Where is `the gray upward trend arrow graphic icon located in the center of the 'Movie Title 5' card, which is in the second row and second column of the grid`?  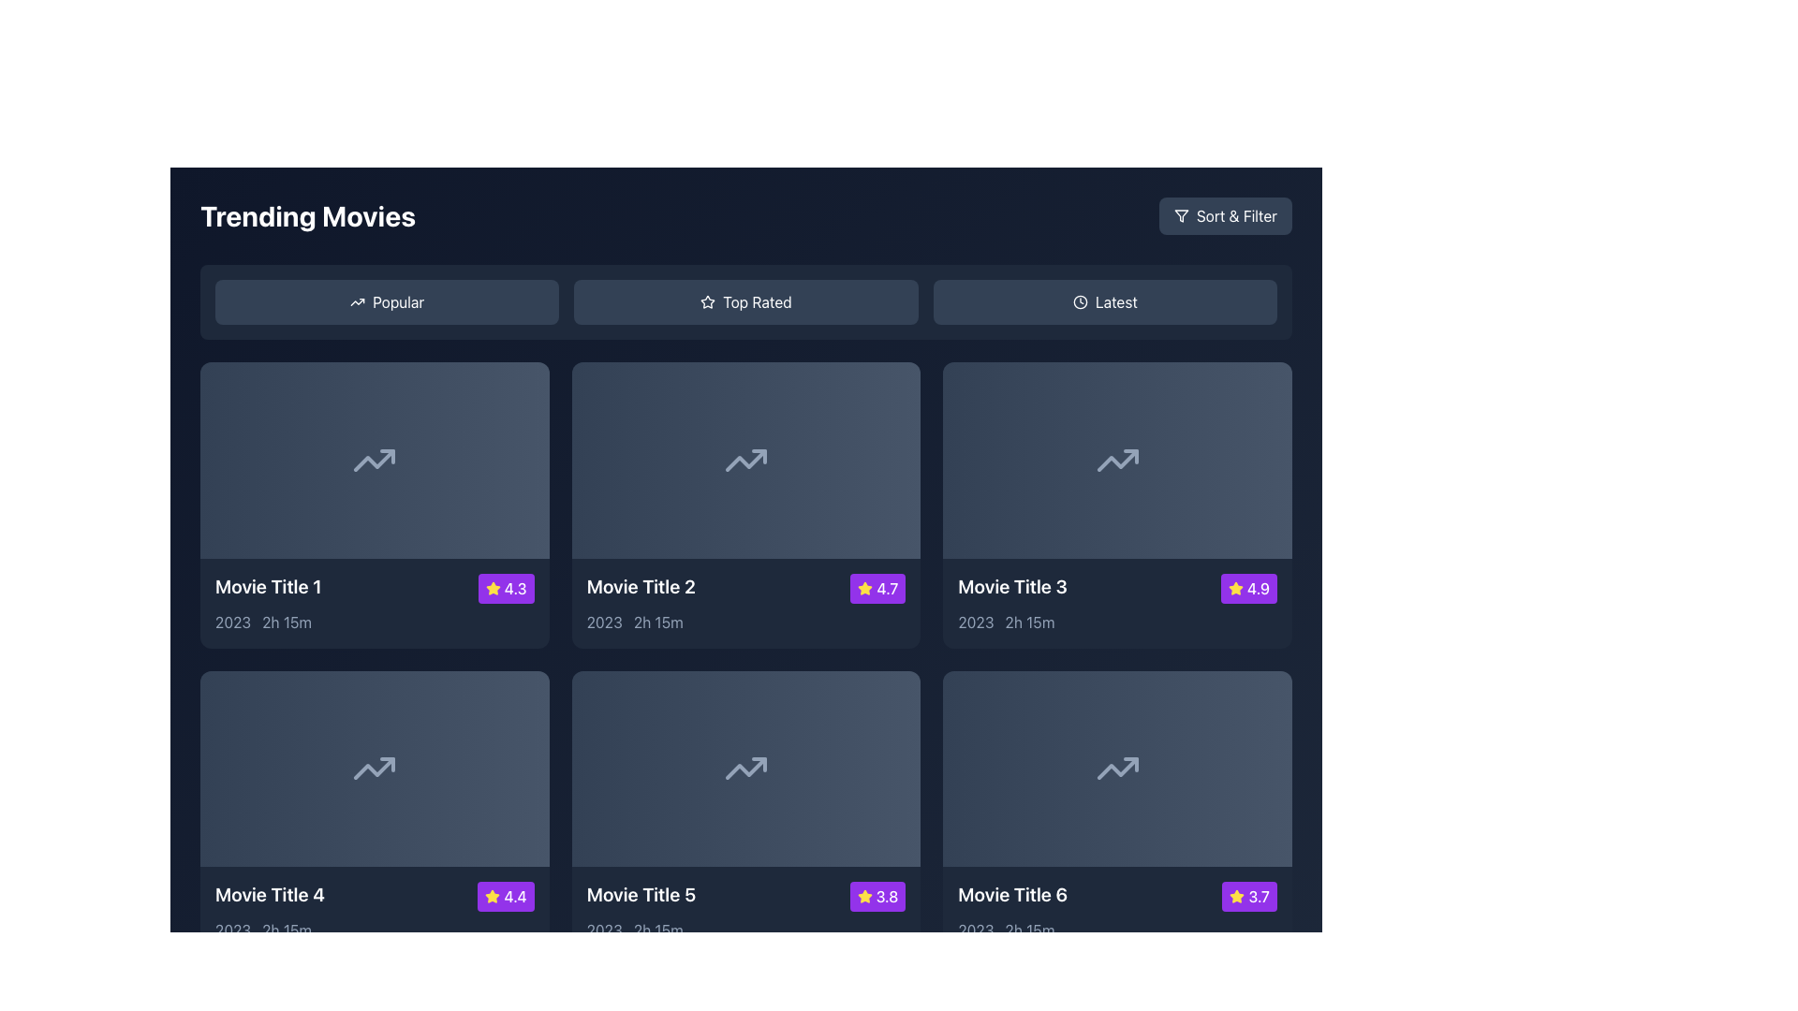
the gray upward trend arrow graphic icon located in the center of the 'Movie Title 5' card, which is in the second row and second column of the grid is located at coordinates (744, 769).